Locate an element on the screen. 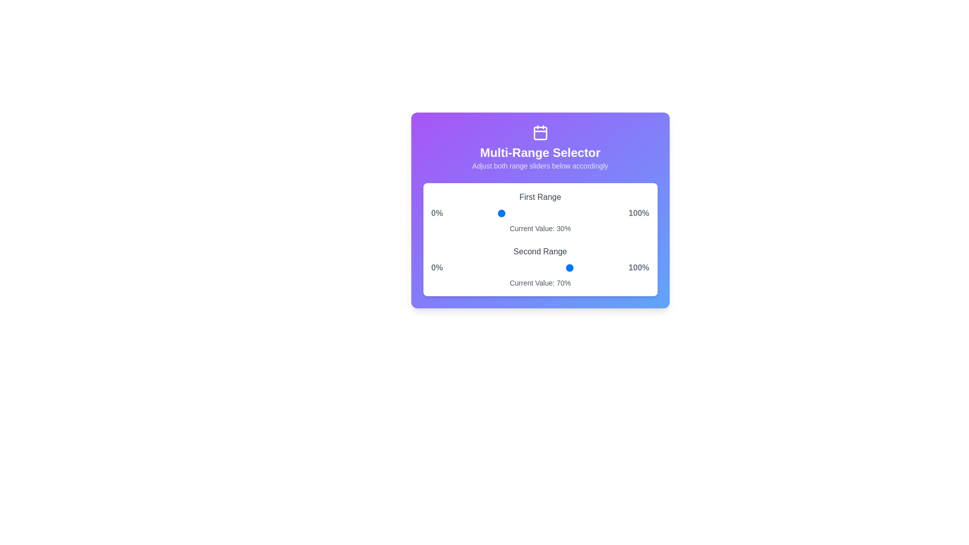 The width and height of the screenshot is (969, 545). the handle of the 'First Range' slider is located at coordinates (540, 211).